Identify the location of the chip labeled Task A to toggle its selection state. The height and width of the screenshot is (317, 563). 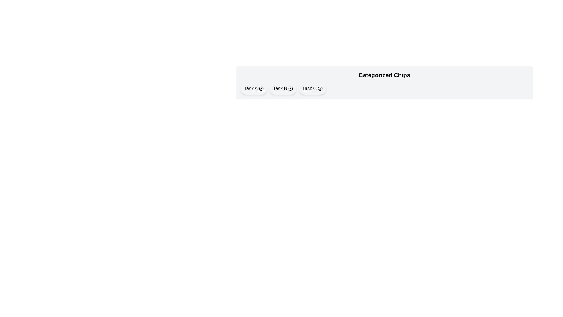
(254, 88).